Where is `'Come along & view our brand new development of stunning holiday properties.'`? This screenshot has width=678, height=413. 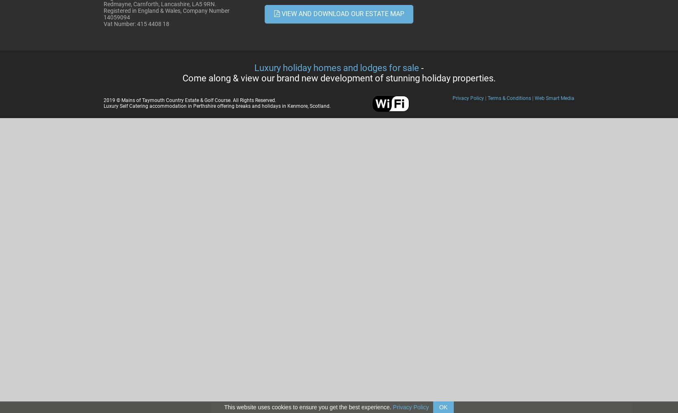
'Come along & view our brand new development of stunning holiday properties.' is located at coordinates (338, 78).